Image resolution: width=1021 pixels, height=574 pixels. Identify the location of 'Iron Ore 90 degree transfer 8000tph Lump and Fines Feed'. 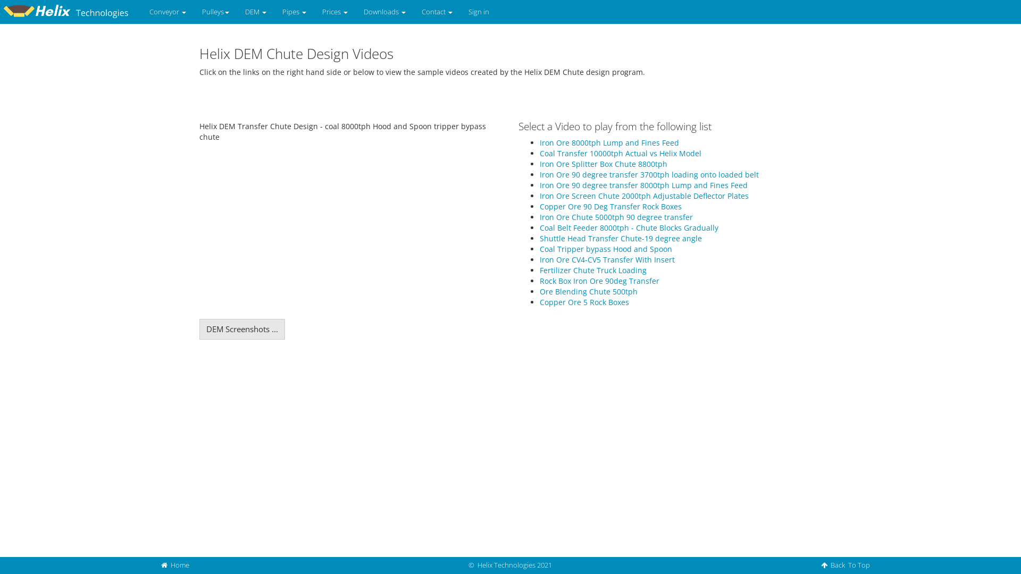
(539, 184).